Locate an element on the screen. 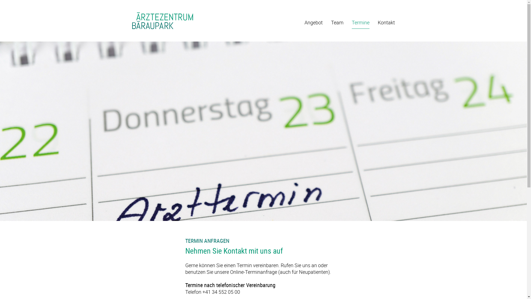 This screenshot has height=299, width=531. 'Angebot' is located at coordinates (304, 24).